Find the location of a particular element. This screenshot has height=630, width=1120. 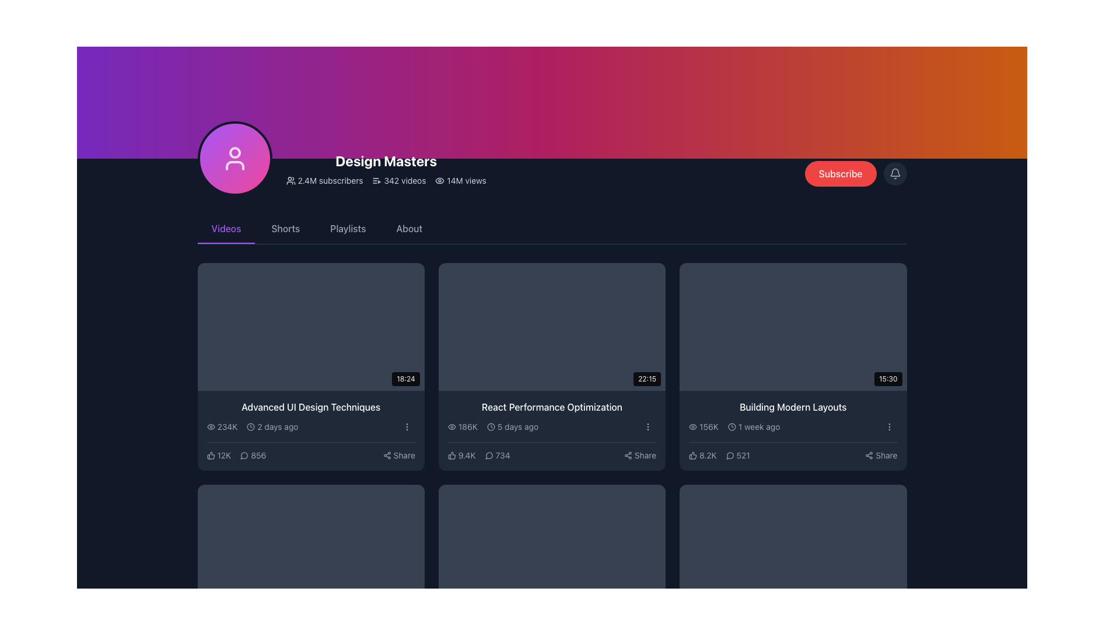

the button displaying the number '856' with a speech bubble icon, located below the title 'Advanced UI Design Techniques' is located at coordinates (253, 454).